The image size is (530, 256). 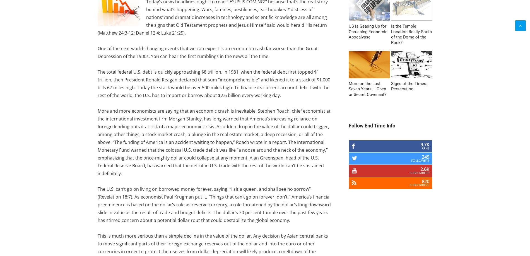 What do you see at coordinates (425, 169) in the screenshot?
I see `'2.6k'` at bounding box center [425, 169].